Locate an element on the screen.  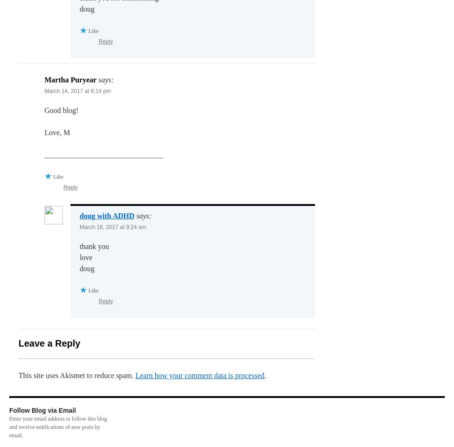
'March 14, 2017 at 6:14 pm' is located at coordinates (77, 91).